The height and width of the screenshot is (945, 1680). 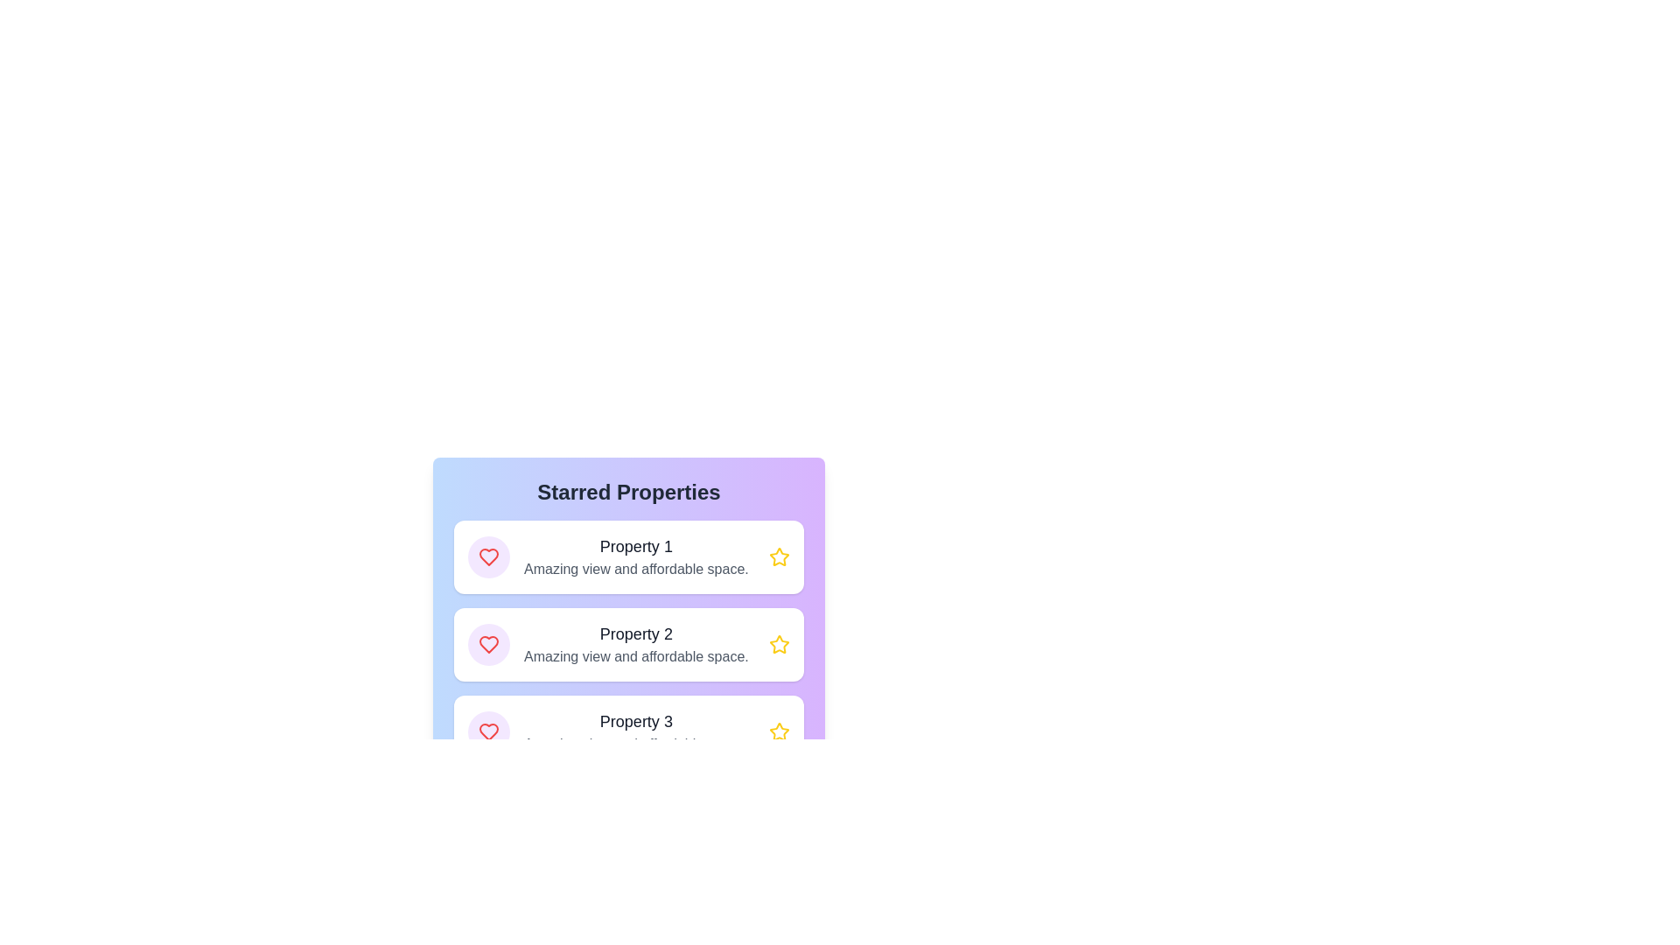 What do you see at coordinates (629, 644) in the screenshot?
I see `the property title within the grid layout of the 'Starred Properties' section, which features white rounded rectangles with bold titles and interactive icons` at bounding box center [629, 644].